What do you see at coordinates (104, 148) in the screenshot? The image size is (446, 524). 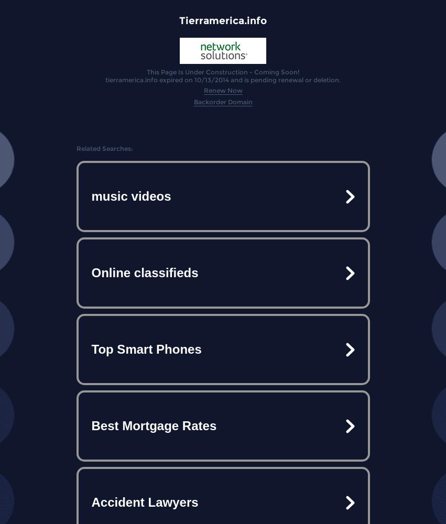 I see `'Related Searches:'` at bounding box center [104, 148].